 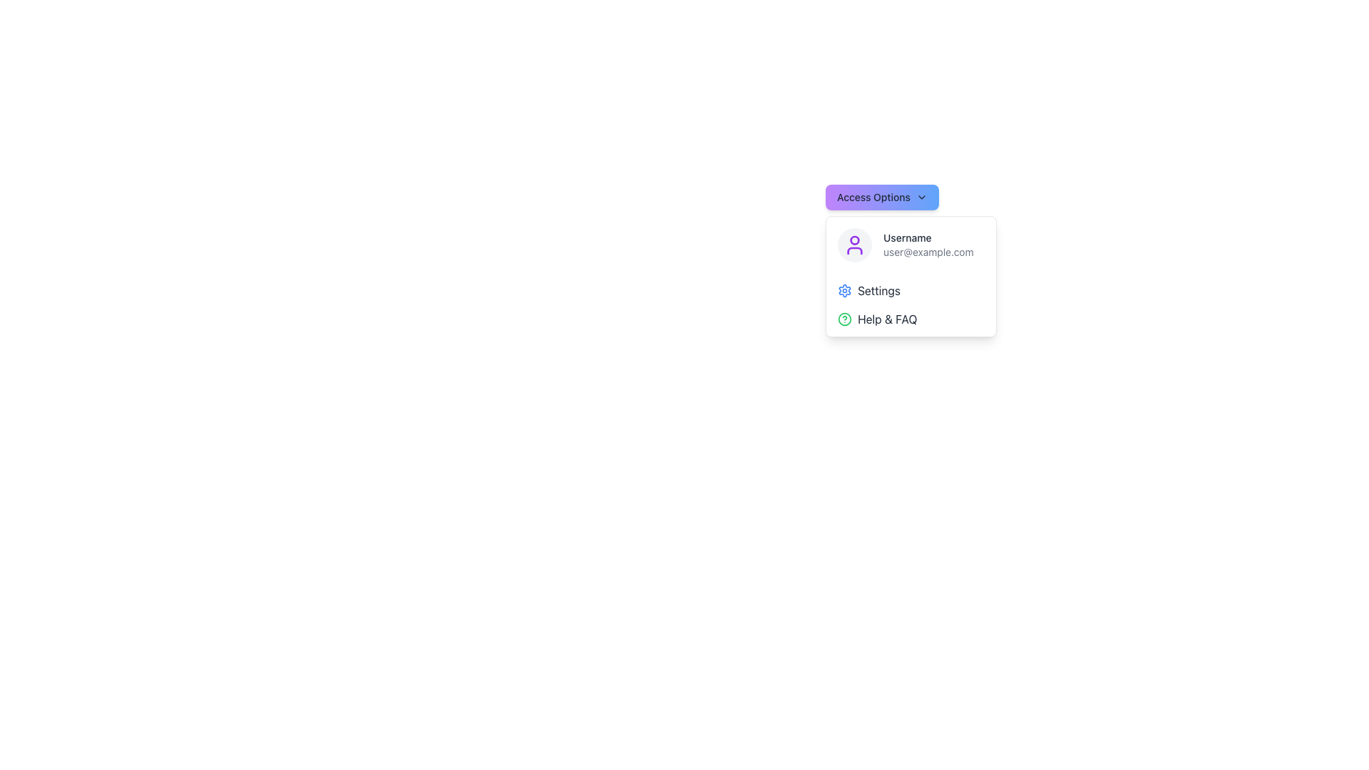 What do you see at coordinates (921, 197) in the screenshot?
I see `the dropdown menu indicator icon located at the far right end of the 'Access Options' button` at bounding box center [921, 197].